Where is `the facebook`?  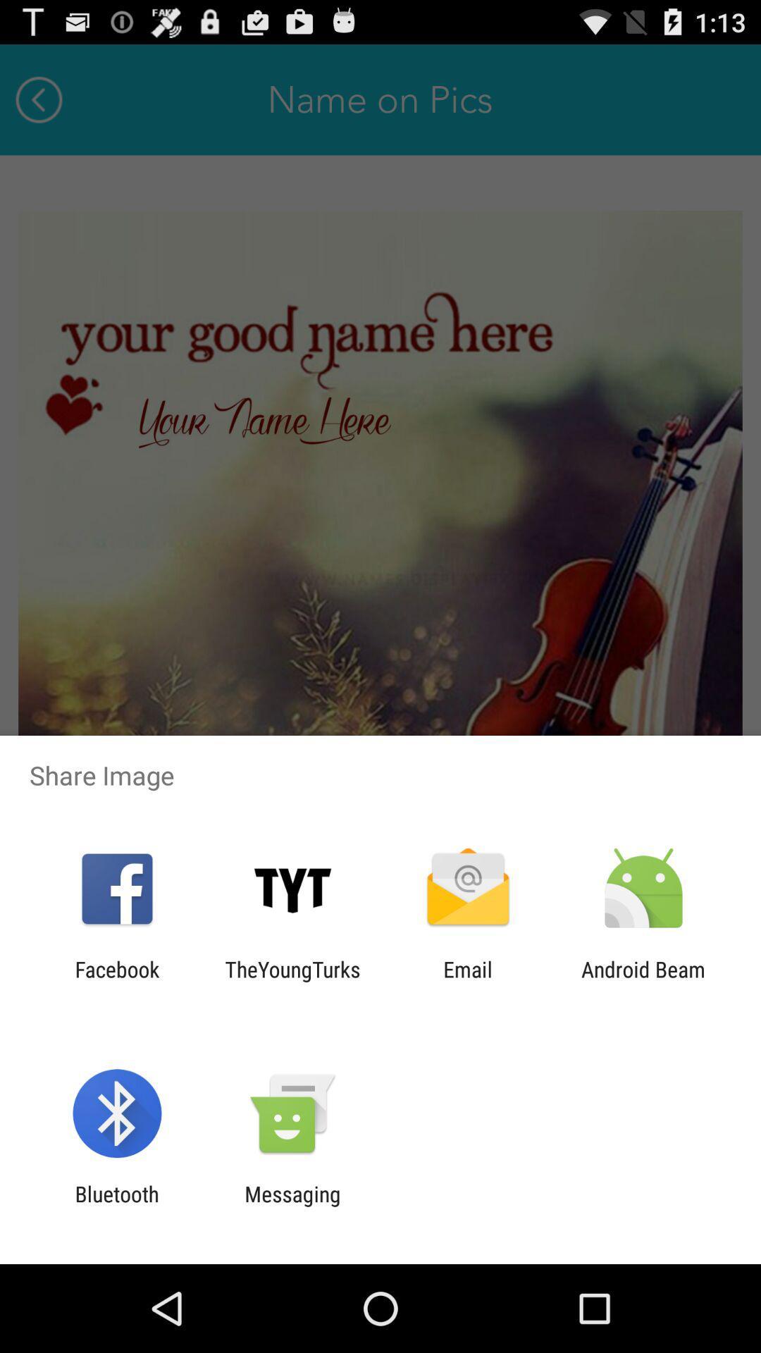 the facebook is located at coordinates (116, 981).